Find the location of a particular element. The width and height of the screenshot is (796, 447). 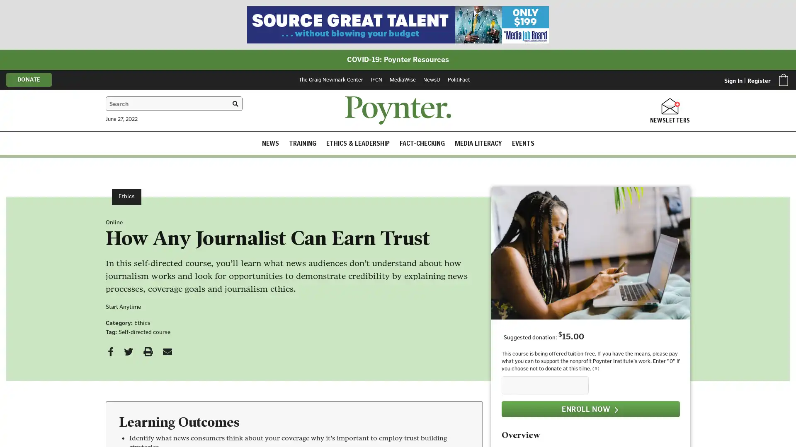

ENROLL NOW is located at coordinates (590, 392).